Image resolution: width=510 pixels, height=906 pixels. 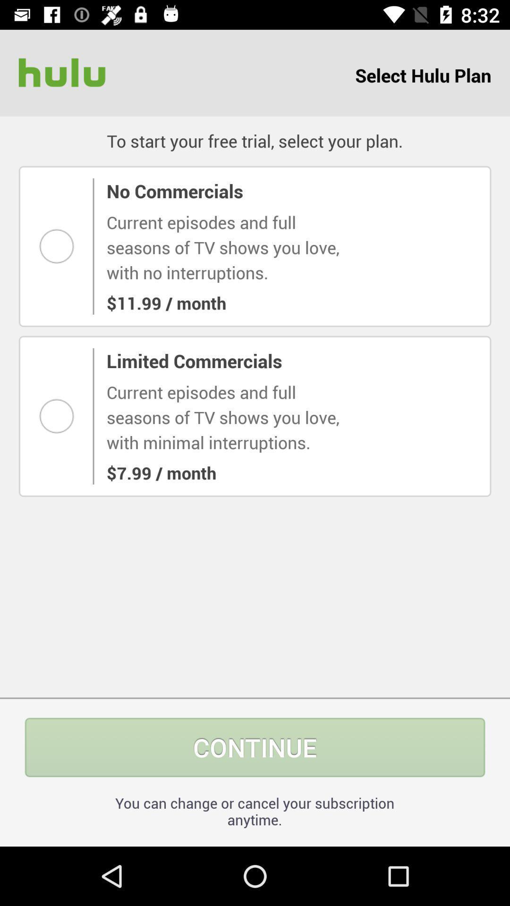 What do you see at coordinates (255, 747) in the screenshot?
I see `the continue icon` at bounding box center [255, 747].